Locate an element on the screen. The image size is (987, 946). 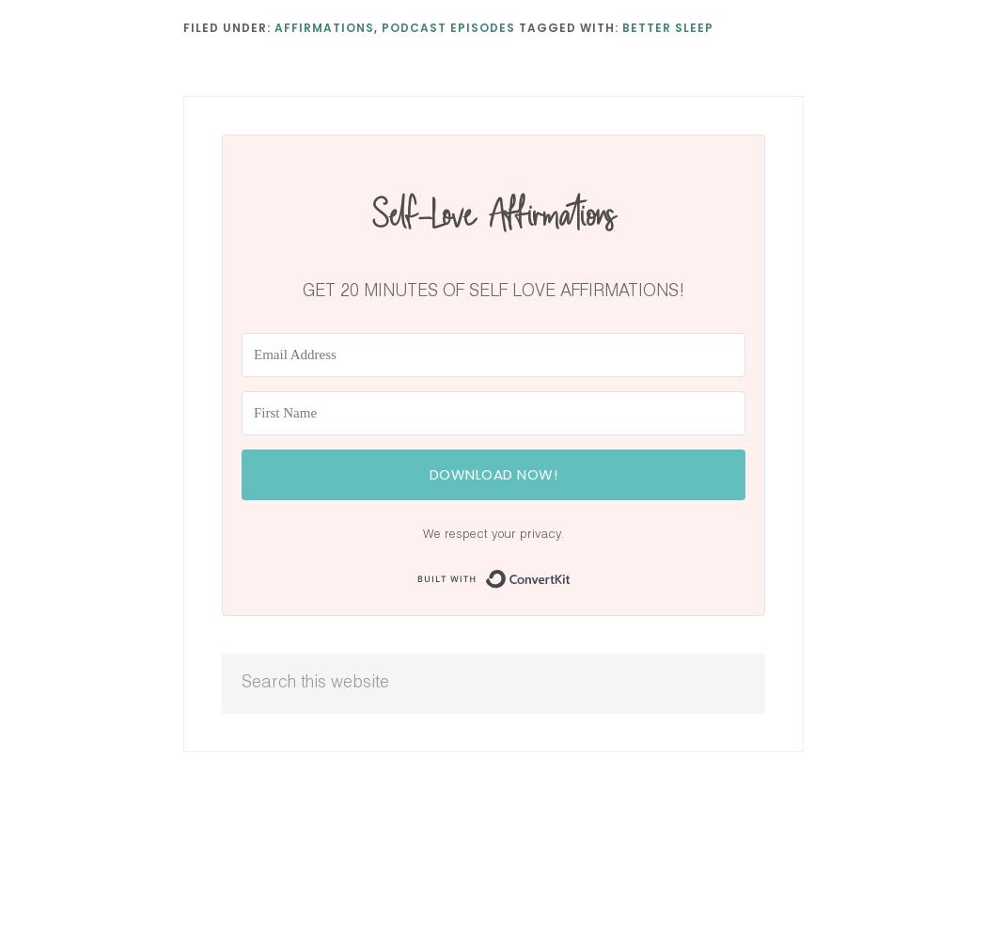
'Built with ConvertKit' is located at coordinates (637, 577).